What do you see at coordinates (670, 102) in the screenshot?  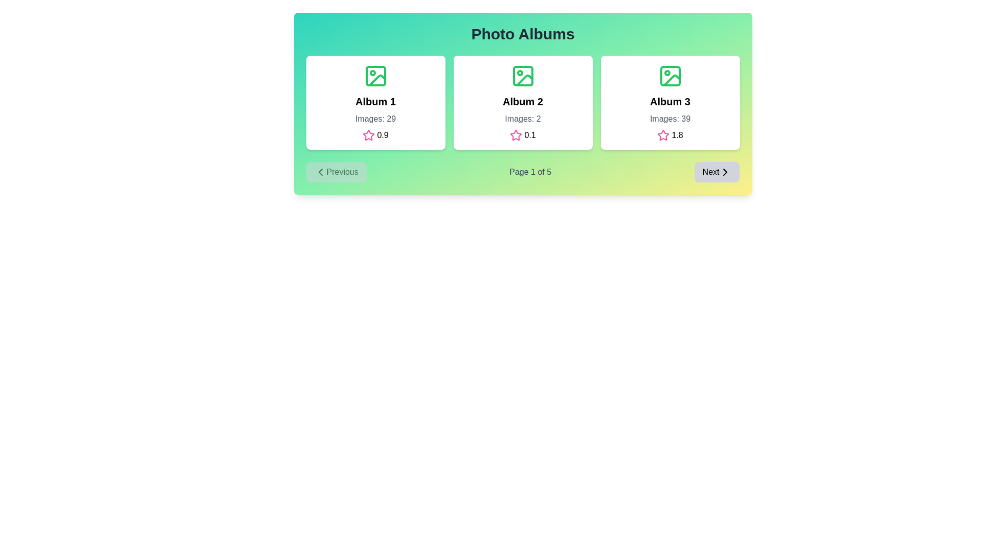 I see `text label that identifies the album within the third card in the row of album cards, positioned near the center-top area of the card, directly underneath the green icon` at bounding box center [670, 102].